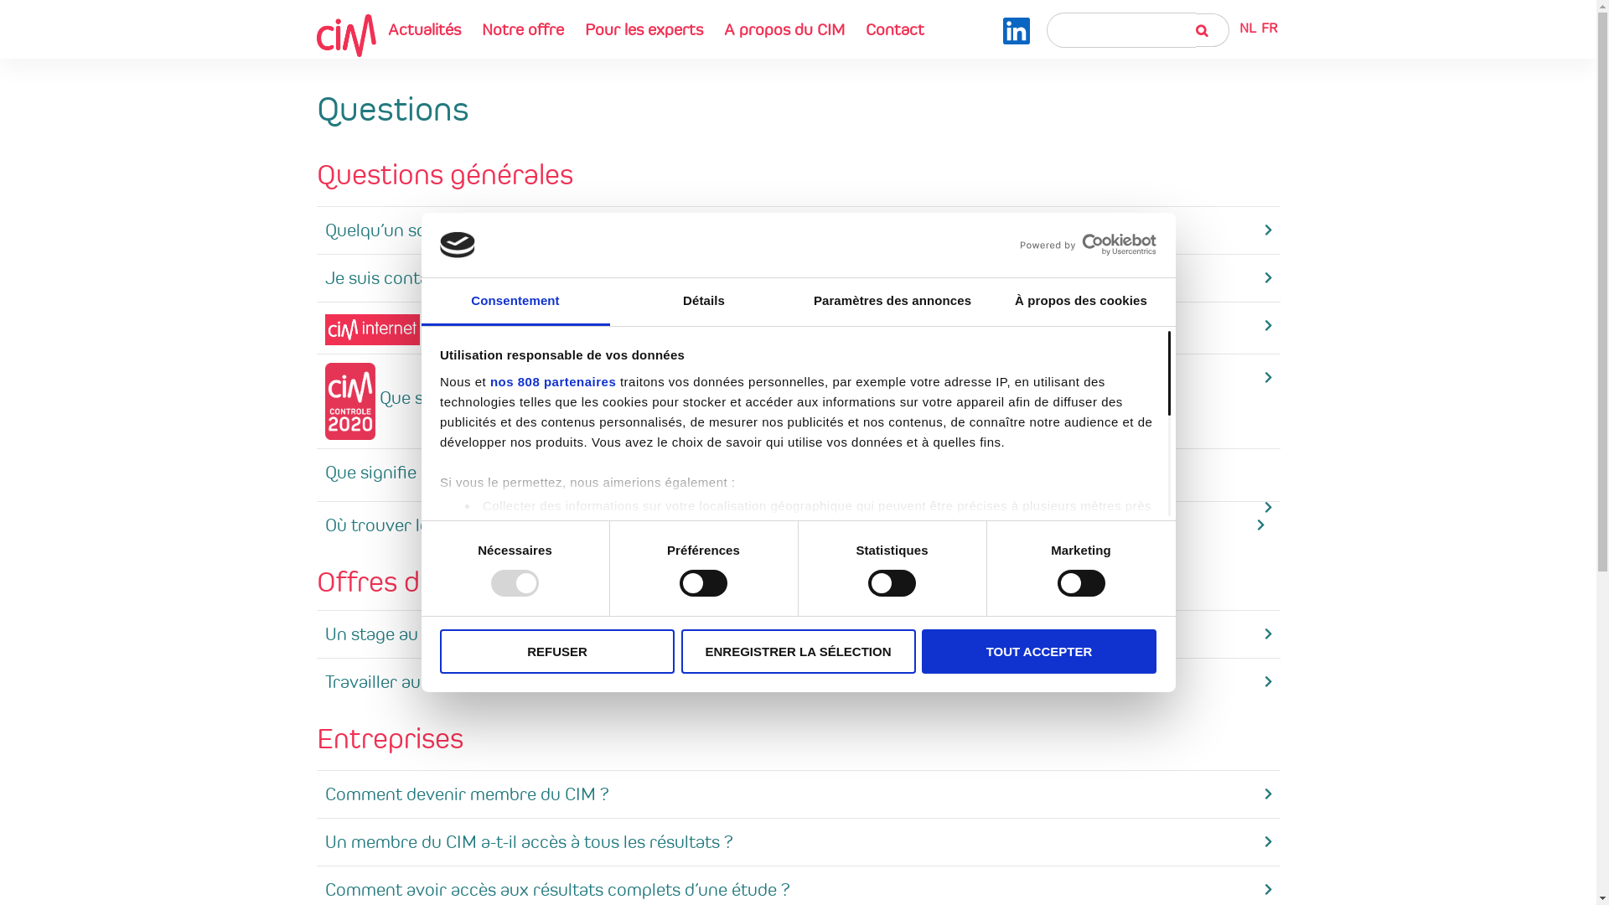  What do you see at coordinates (1247, 28) in the screenshot?
I see `'NL'` at bounding box center [1247, 28].